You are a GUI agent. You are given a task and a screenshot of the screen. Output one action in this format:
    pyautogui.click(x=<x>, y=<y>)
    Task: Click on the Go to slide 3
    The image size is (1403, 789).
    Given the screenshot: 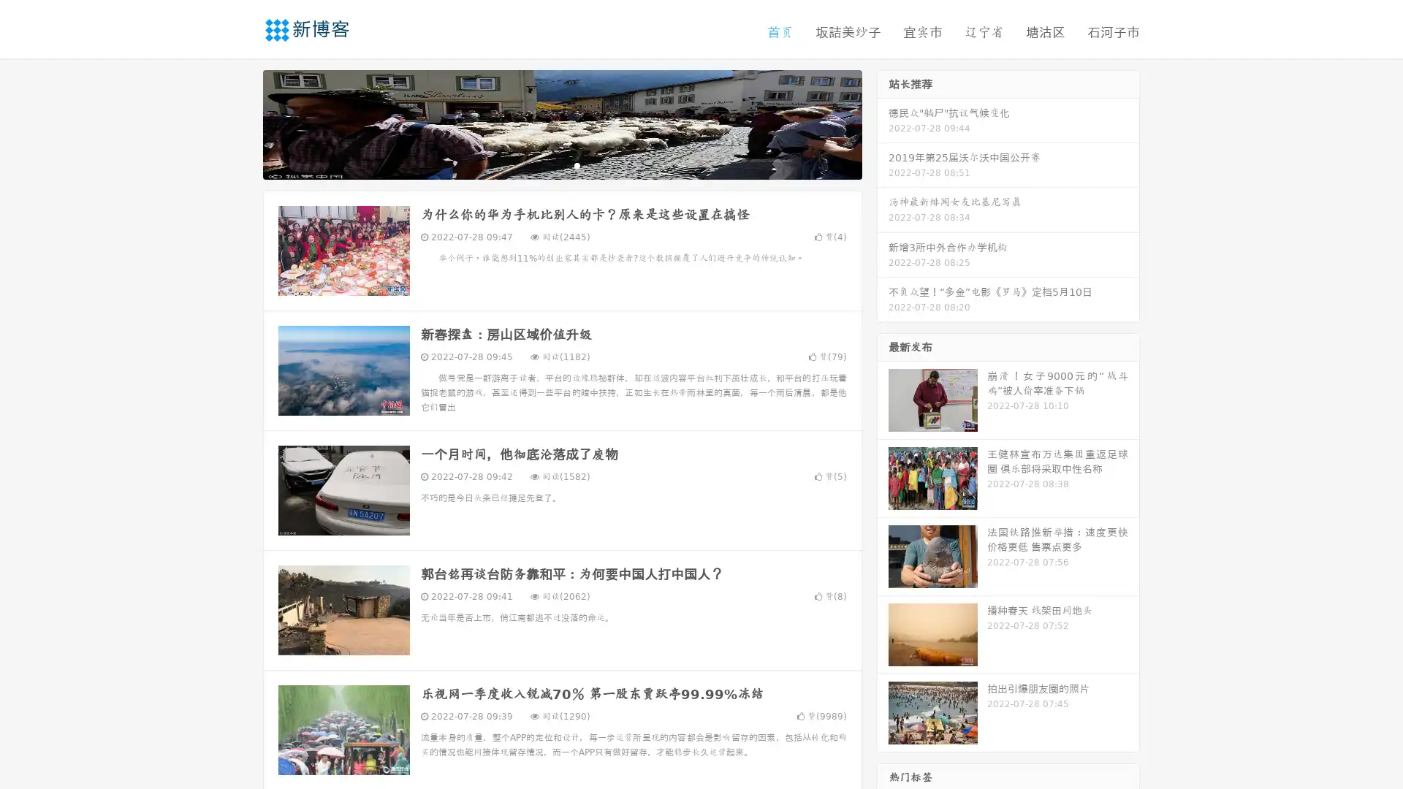 What is the action you would take?
    pyautogui.click(x=577, y=164)
    